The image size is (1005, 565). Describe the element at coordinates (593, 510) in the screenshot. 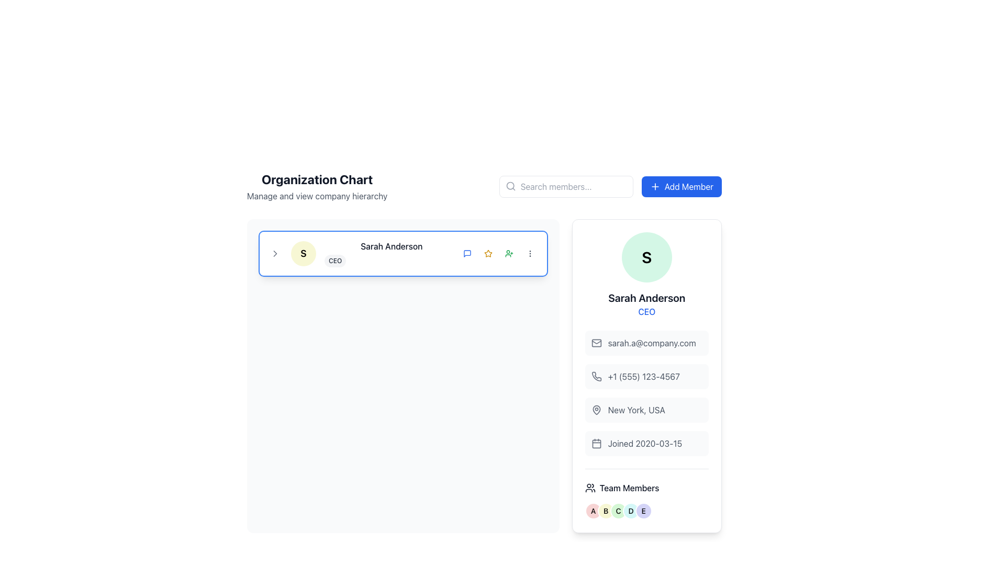

I see `the first circular avatar icon labeled 'A' with a light pink background and a black letter 'A'` at that location.